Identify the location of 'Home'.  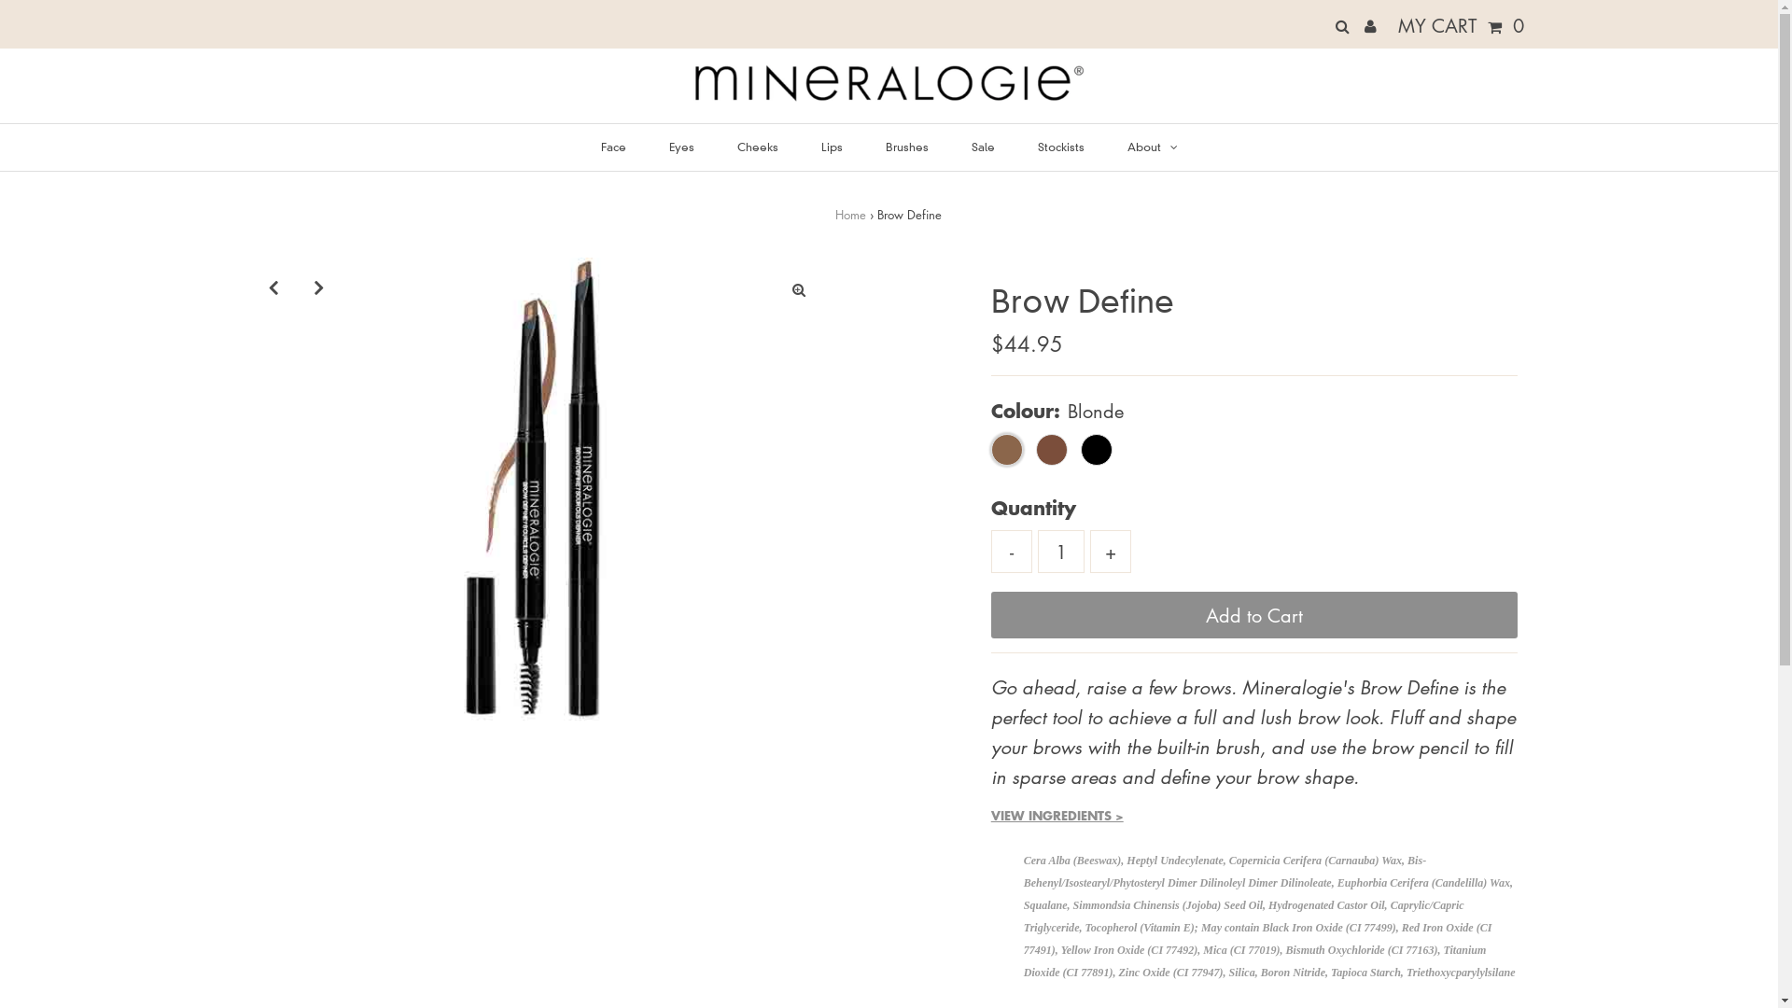
(833, 213).